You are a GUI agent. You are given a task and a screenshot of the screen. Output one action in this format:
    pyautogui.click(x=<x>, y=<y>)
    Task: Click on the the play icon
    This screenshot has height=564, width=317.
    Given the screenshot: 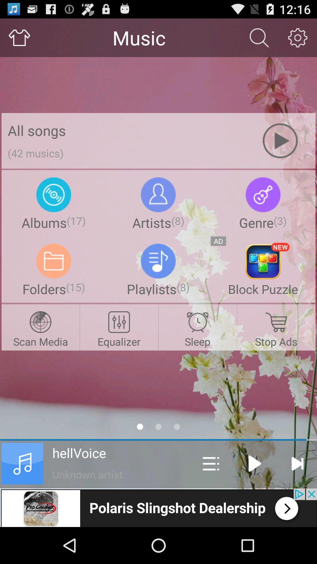 What is the action you would take?
    pyautogui.click(x=254, y=496)
    